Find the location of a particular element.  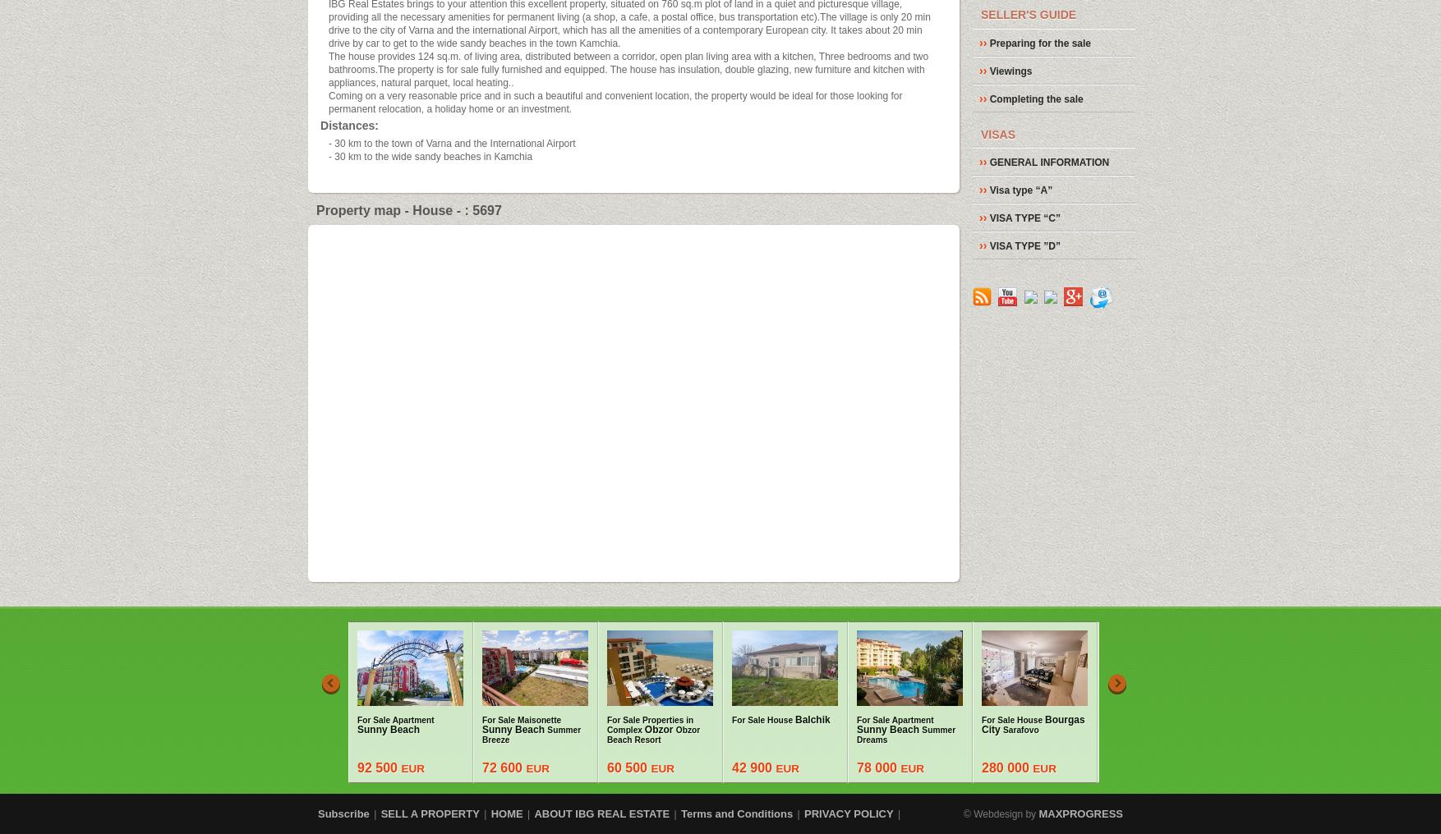

'- 30 km to the wide sandy beaches in Kamchia' is located at coordinates (429, 154).